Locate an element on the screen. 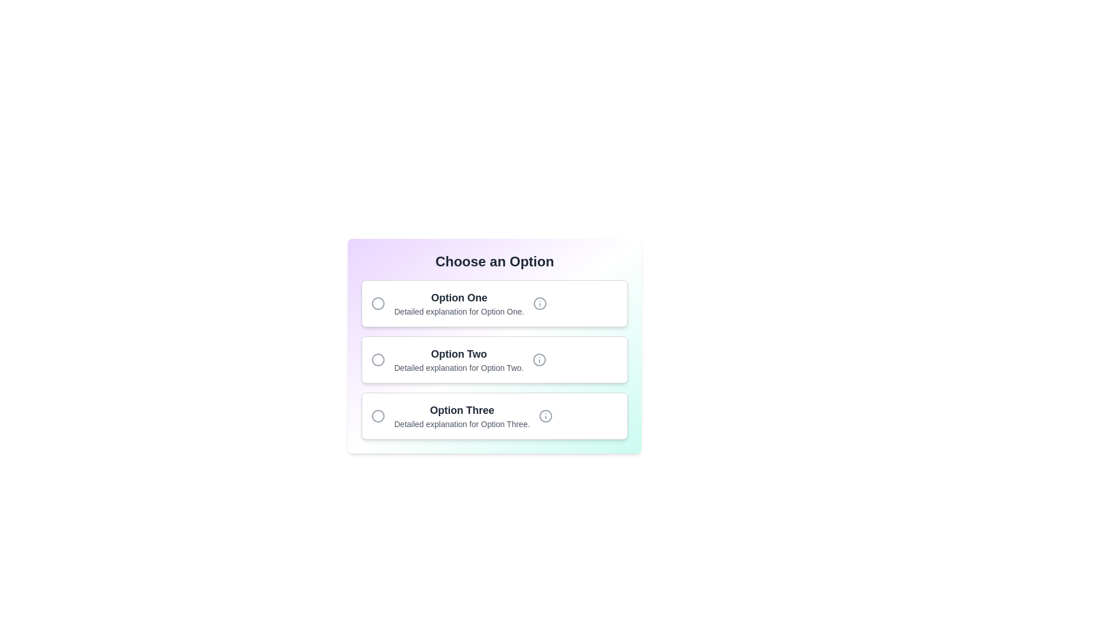 This screenshot has height=620, width=1102. the text label that displays 'Option Three', which is styled in a bold and large dark gray font and is the upper text segment in the row for selectable options is located at coordinates (462, 409).